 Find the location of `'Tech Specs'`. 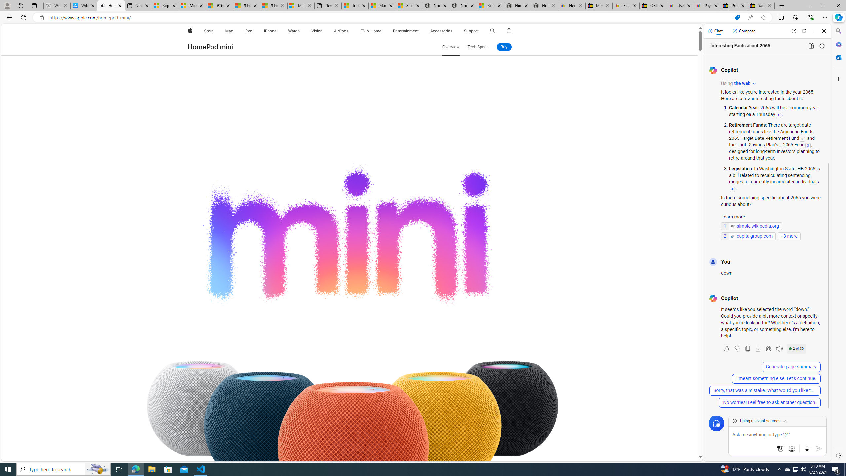

'Tech Specs' is located at coordinates (478, 47).